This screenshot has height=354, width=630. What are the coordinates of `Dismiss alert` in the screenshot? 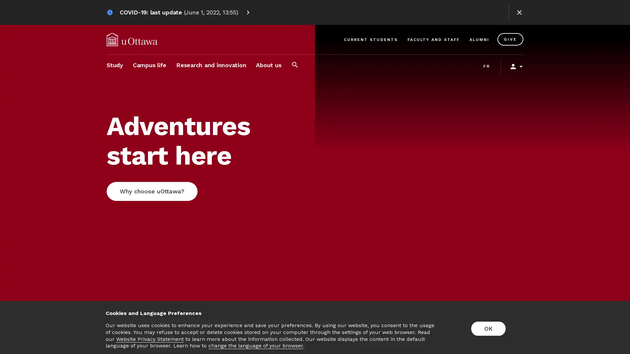 It's located at (519, 12).